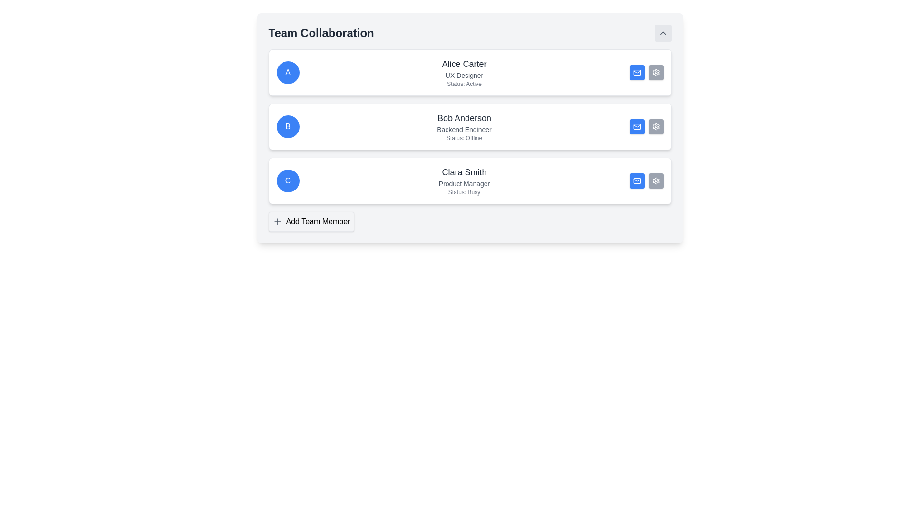 The width and height of the screenshot is (913, 513). I want to click on the stylized envelope SVG icon located to the far right of the third row in the user interface section corresponding to 'Clara Smith', so click(637, 181).